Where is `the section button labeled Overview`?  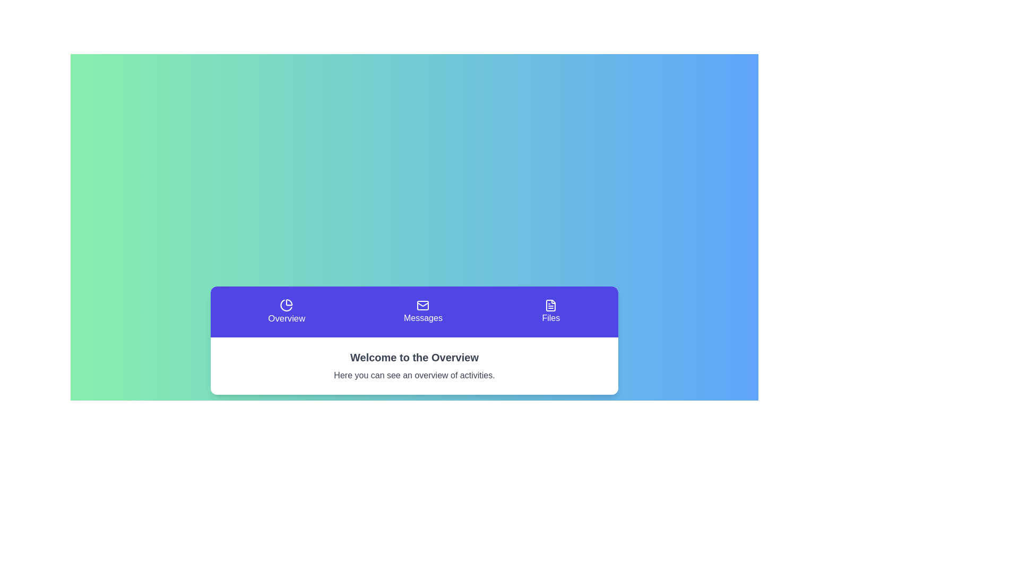
the section button labeled Overview is located at coordinates (286, 311).